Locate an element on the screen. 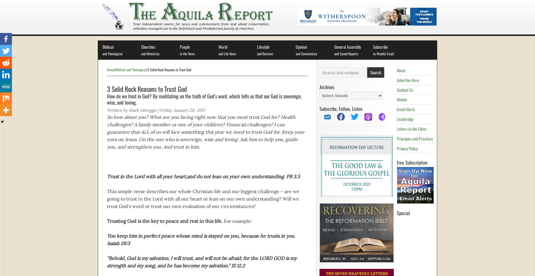  'and do not lean on your own understanding. PR 3.5' is located at coordinates (187, 176).